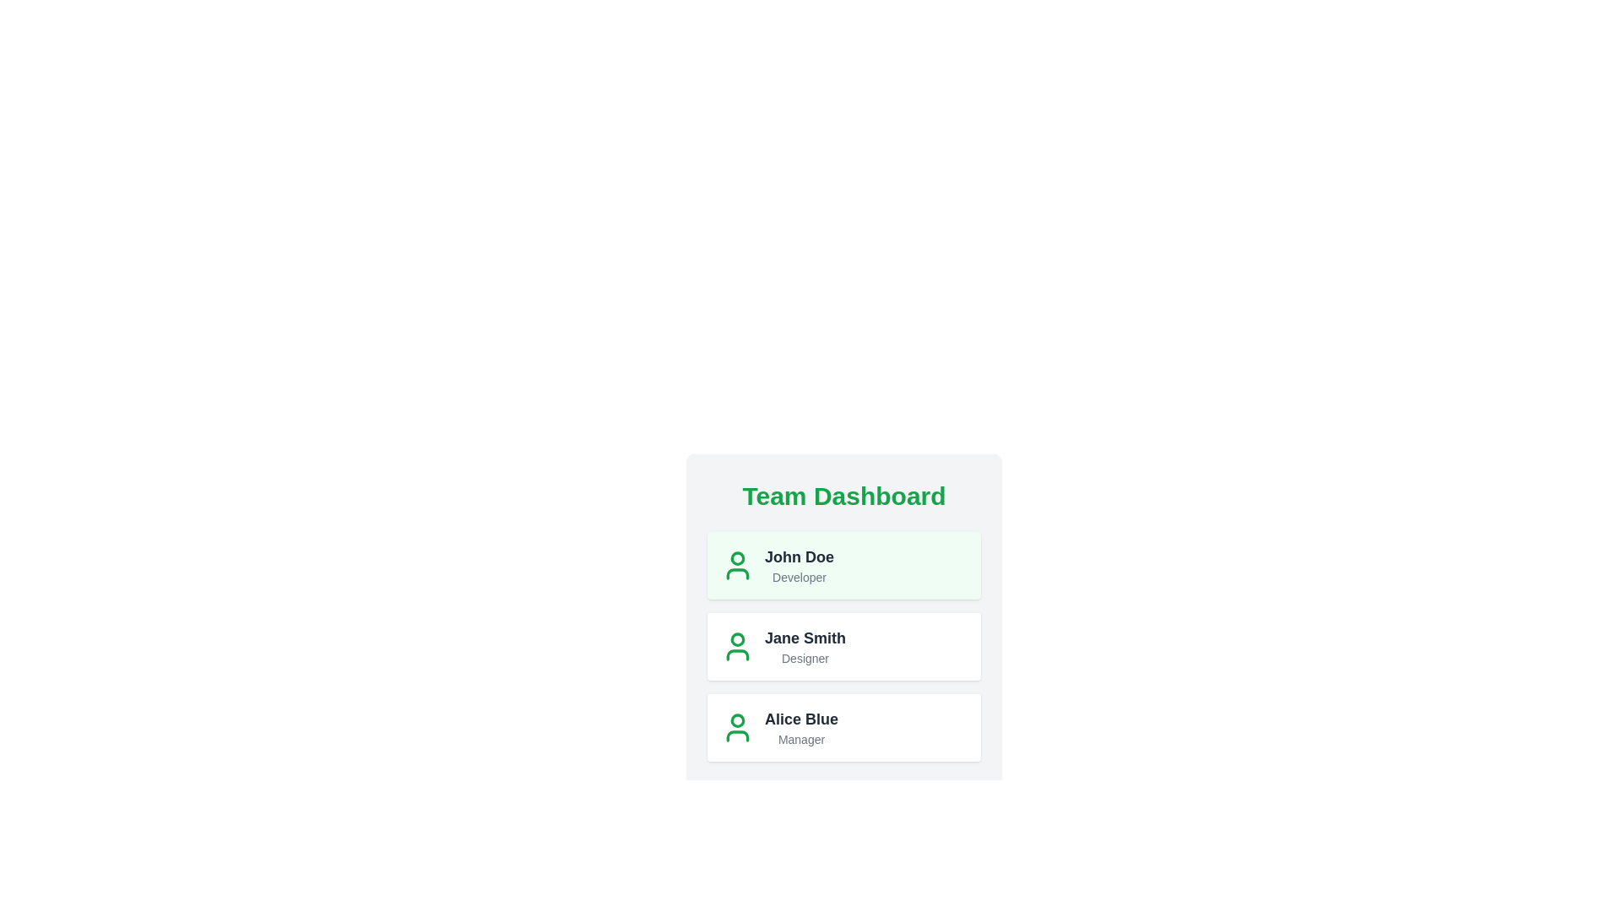 The image size is (1621, 912). What do you see at coordinates (737, 735) in the screenshot?
I see `the decorative graphic component located at the bottom of the user profile icon on the 'John Doe' card under the 'Team Dashboard' section` at bounding box center [737, 735].